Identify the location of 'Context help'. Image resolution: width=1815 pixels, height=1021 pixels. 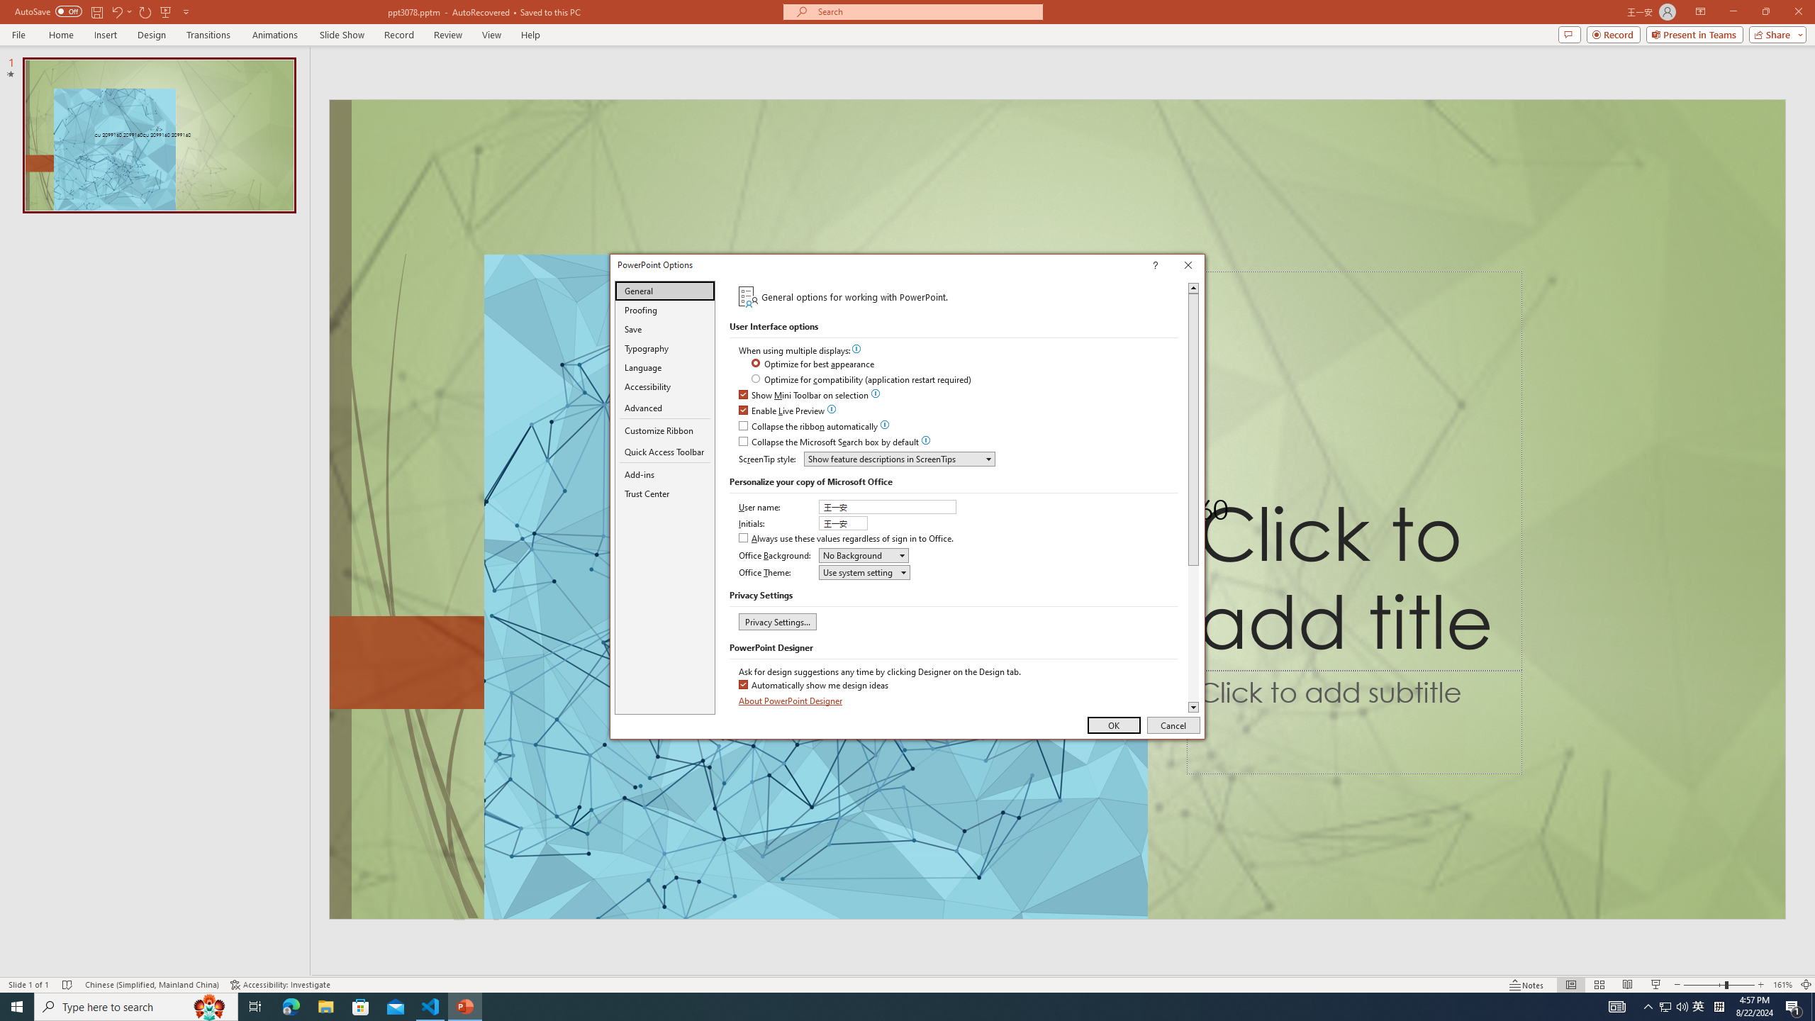
(1175, 266).